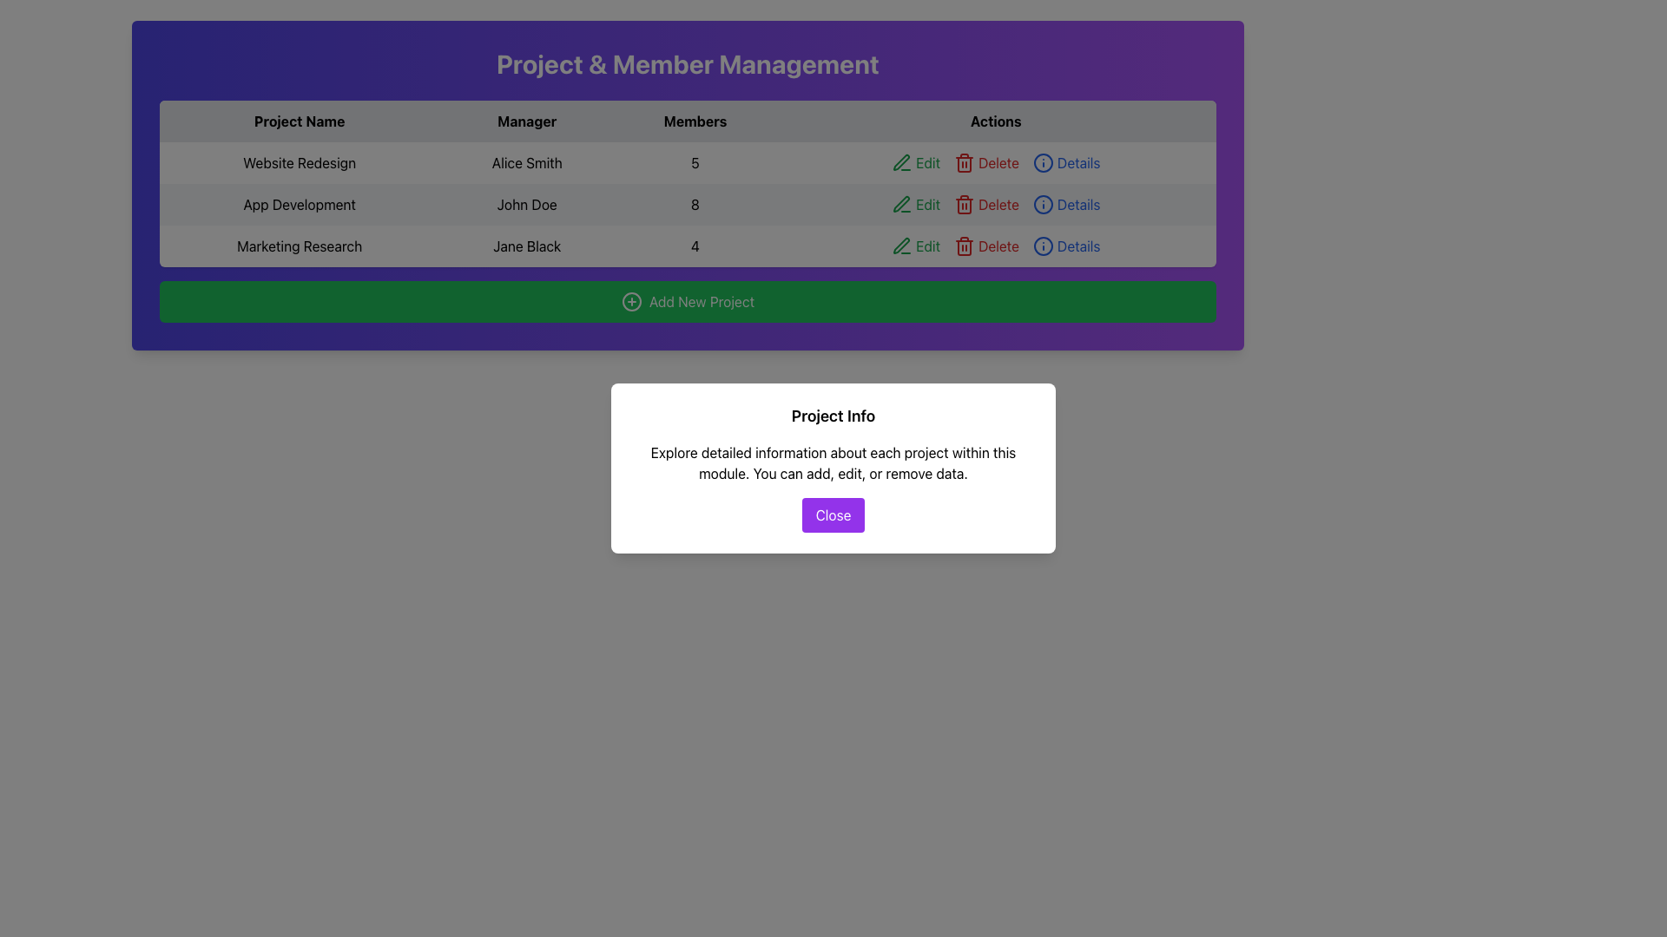 The height and width of the screenshot is (937, 1667). Describe the element at coordinates (833, 462) in the screenshot. I see `the static text block providing guidance in the modal dialog box, located below the 'Project Info' title and above the 'Close' button` at that location.